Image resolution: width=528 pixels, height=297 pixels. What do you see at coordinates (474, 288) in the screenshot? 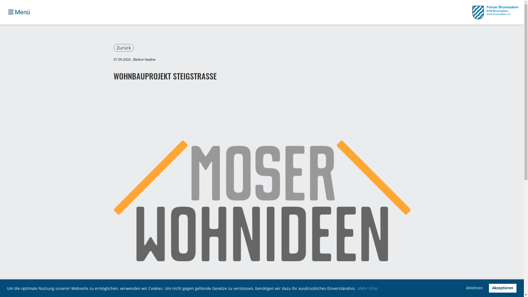
I see `'Ablehnen'` at bounding box center [474, 288].